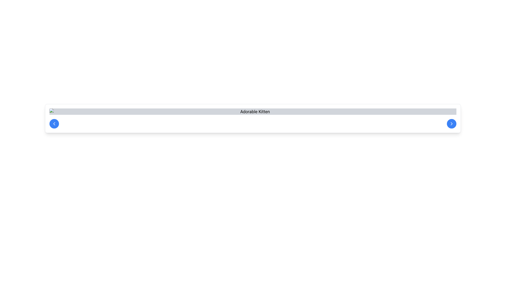 The image size is (508, 285). I want to click on the circular blue button with a white leftward chevron arrow, so click(54, 124).